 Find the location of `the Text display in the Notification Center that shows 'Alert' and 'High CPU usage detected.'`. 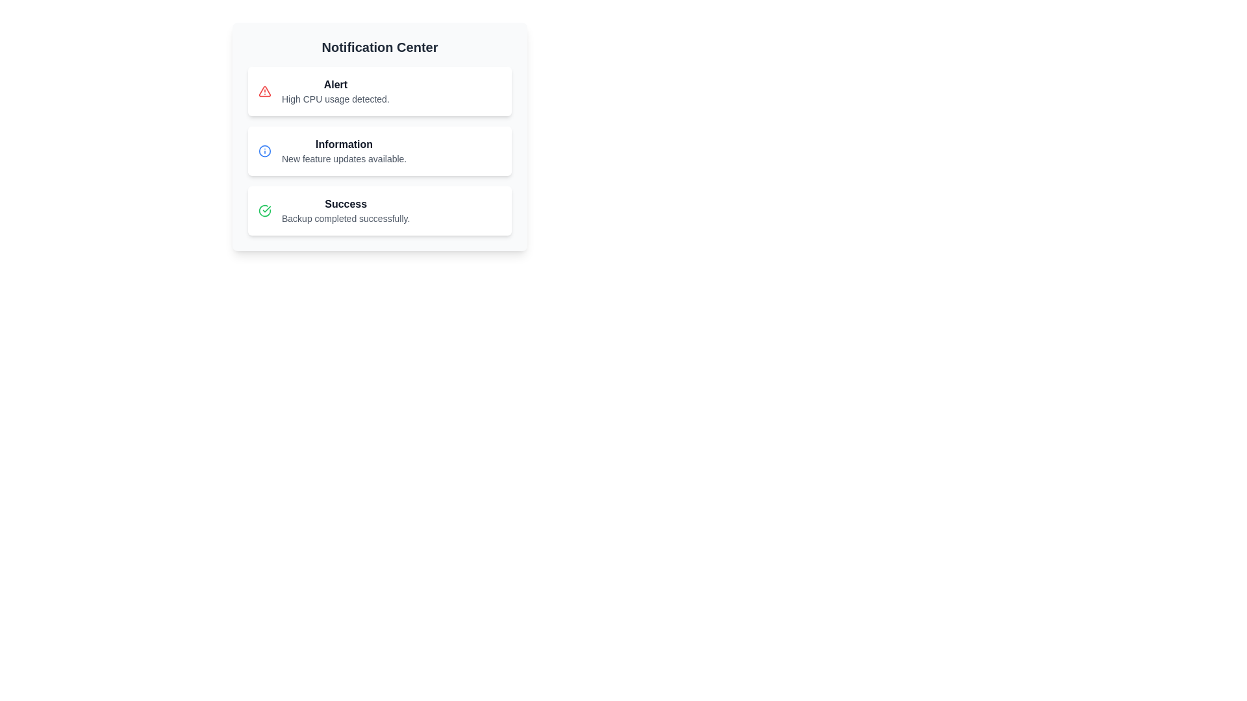

the Text display in the Notification Center that shows 'Alert' and 'High CPU usage detected.' is located at coordinates (335, 91).